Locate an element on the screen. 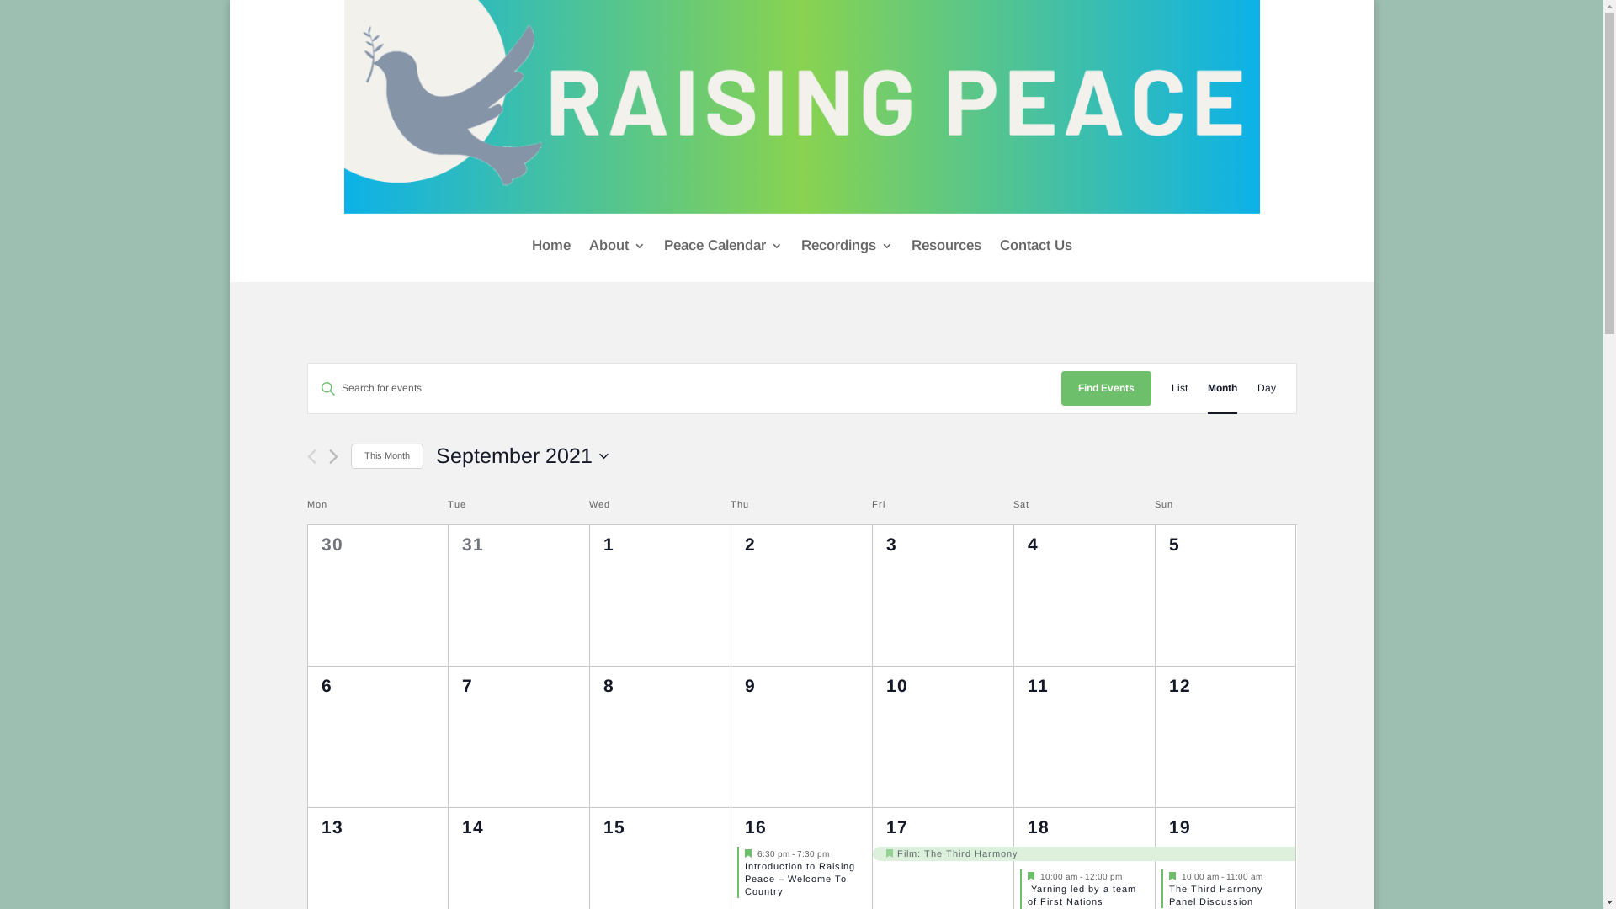 This screenshot has width=1616, height=909. 'About' is located at coordinates (616, 246).